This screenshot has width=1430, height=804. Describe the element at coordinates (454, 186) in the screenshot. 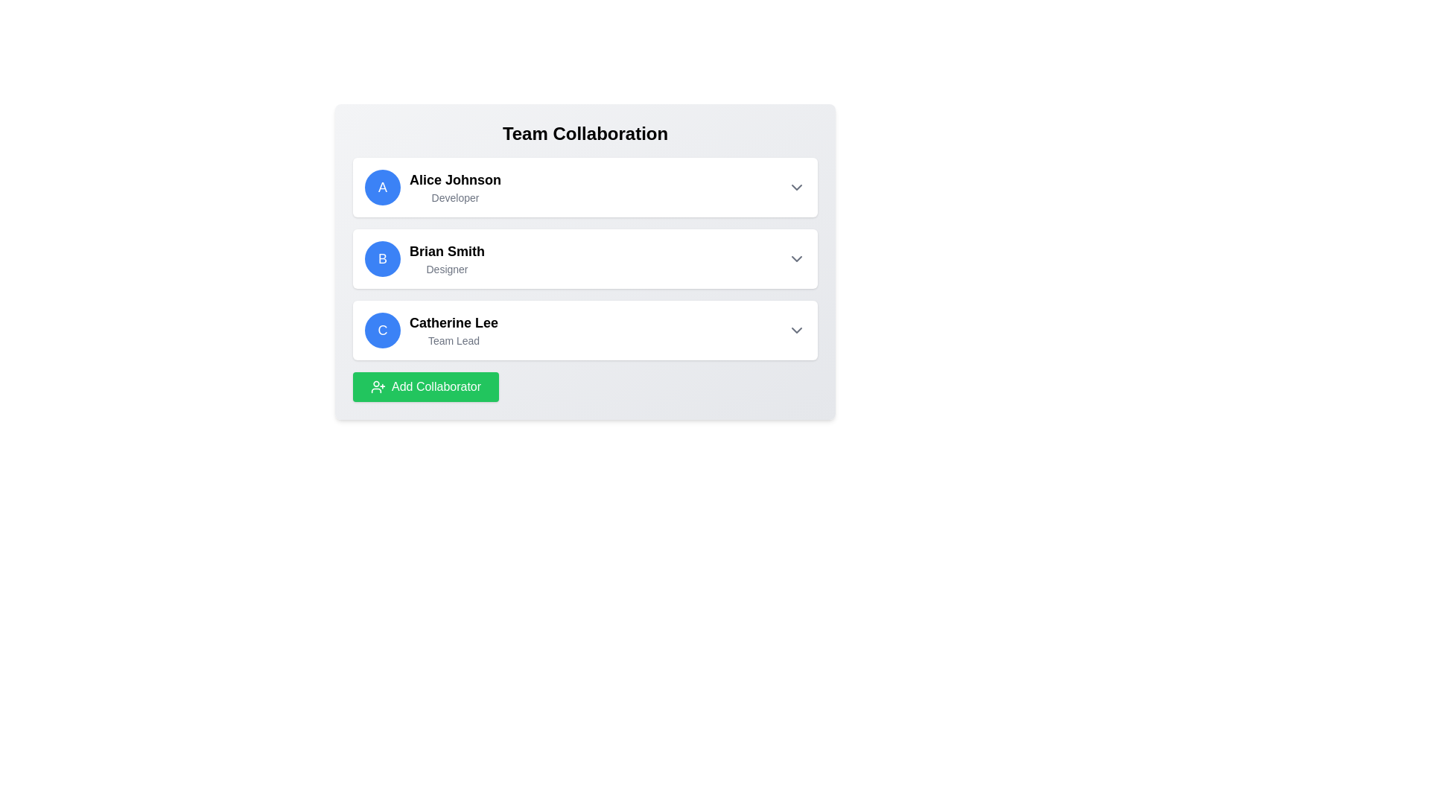

I see `the text block displaying 'Alice Johnson' and 'Developer', which is aligned to the left within a white rectangle, positioned to the right of a circular blue icon with the letter 'A'` at that location.